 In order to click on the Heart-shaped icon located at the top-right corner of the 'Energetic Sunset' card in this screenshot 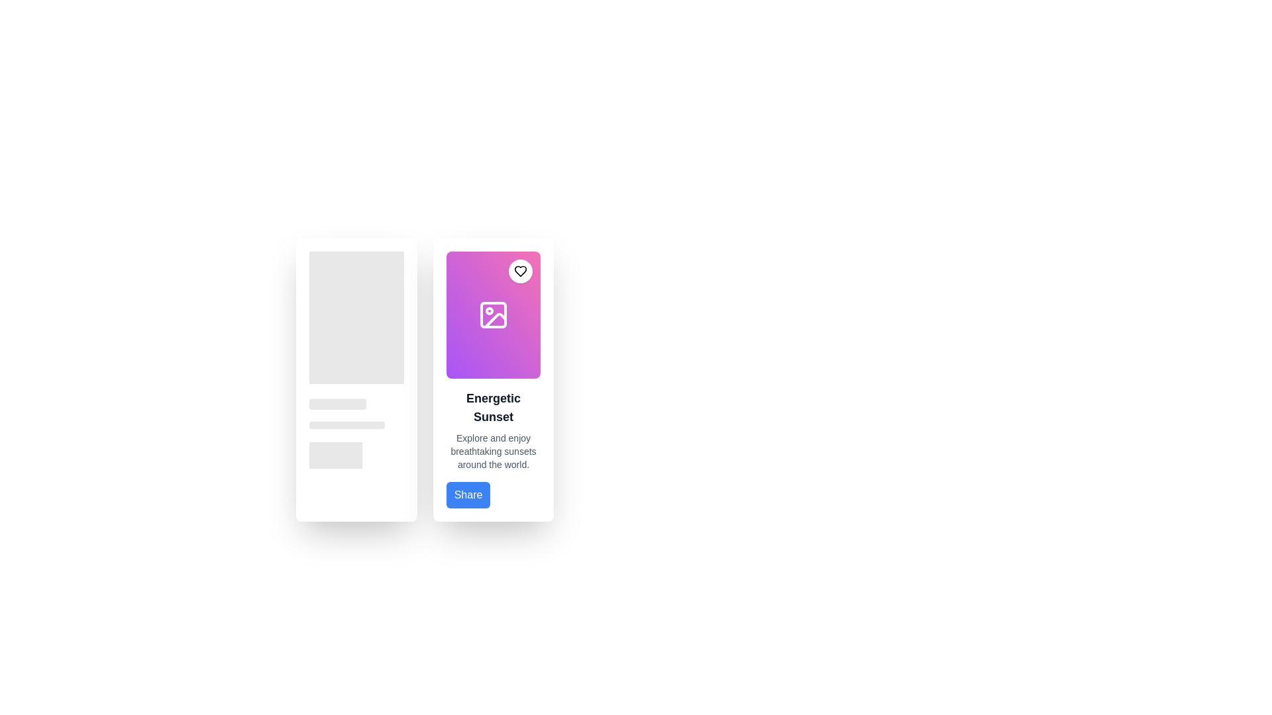, I will do `click(520, 270)`.